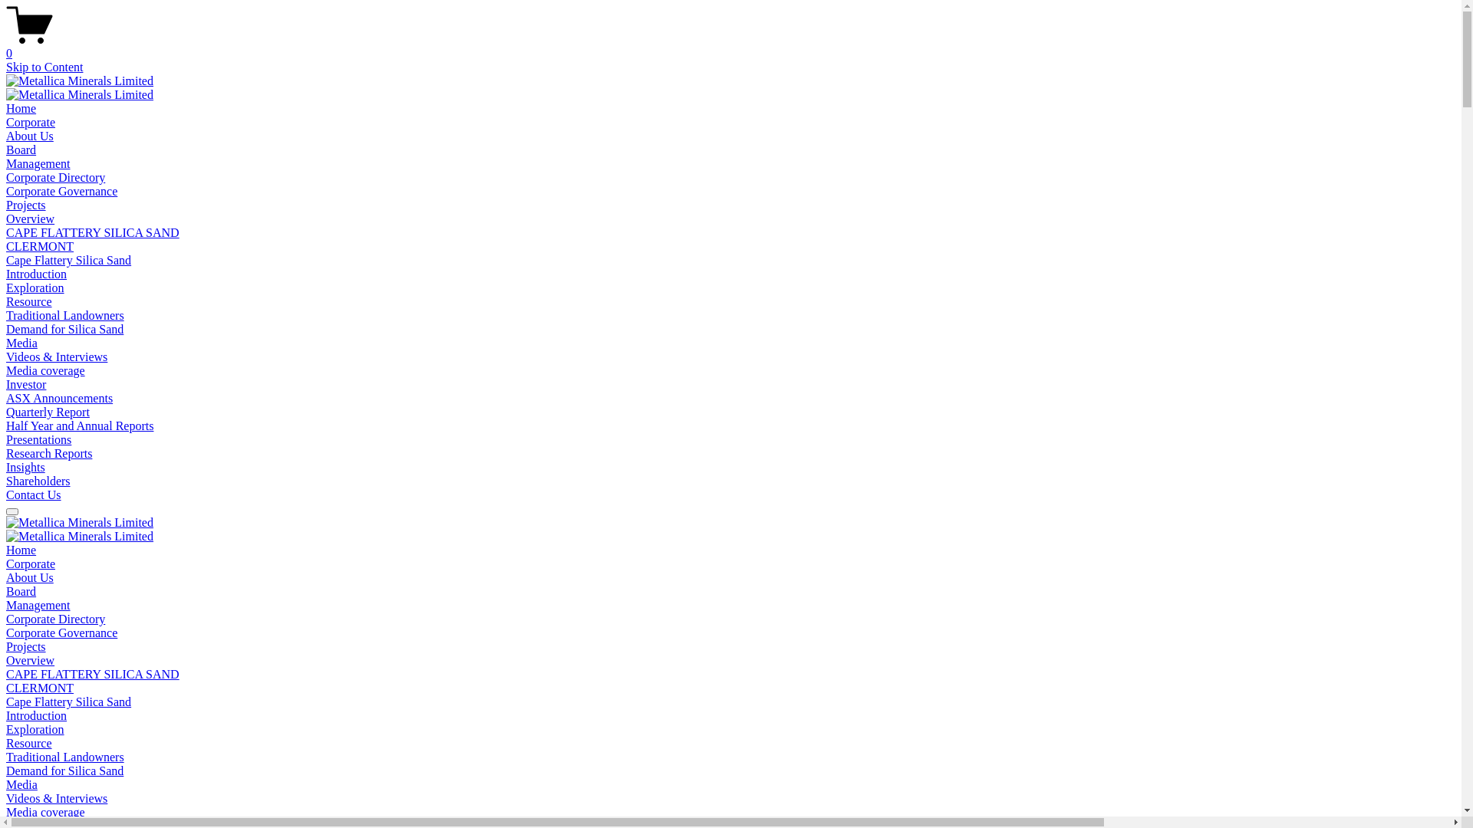 The image size is (1473, 828). I want to click on 'Presentations', so click(6, 439).